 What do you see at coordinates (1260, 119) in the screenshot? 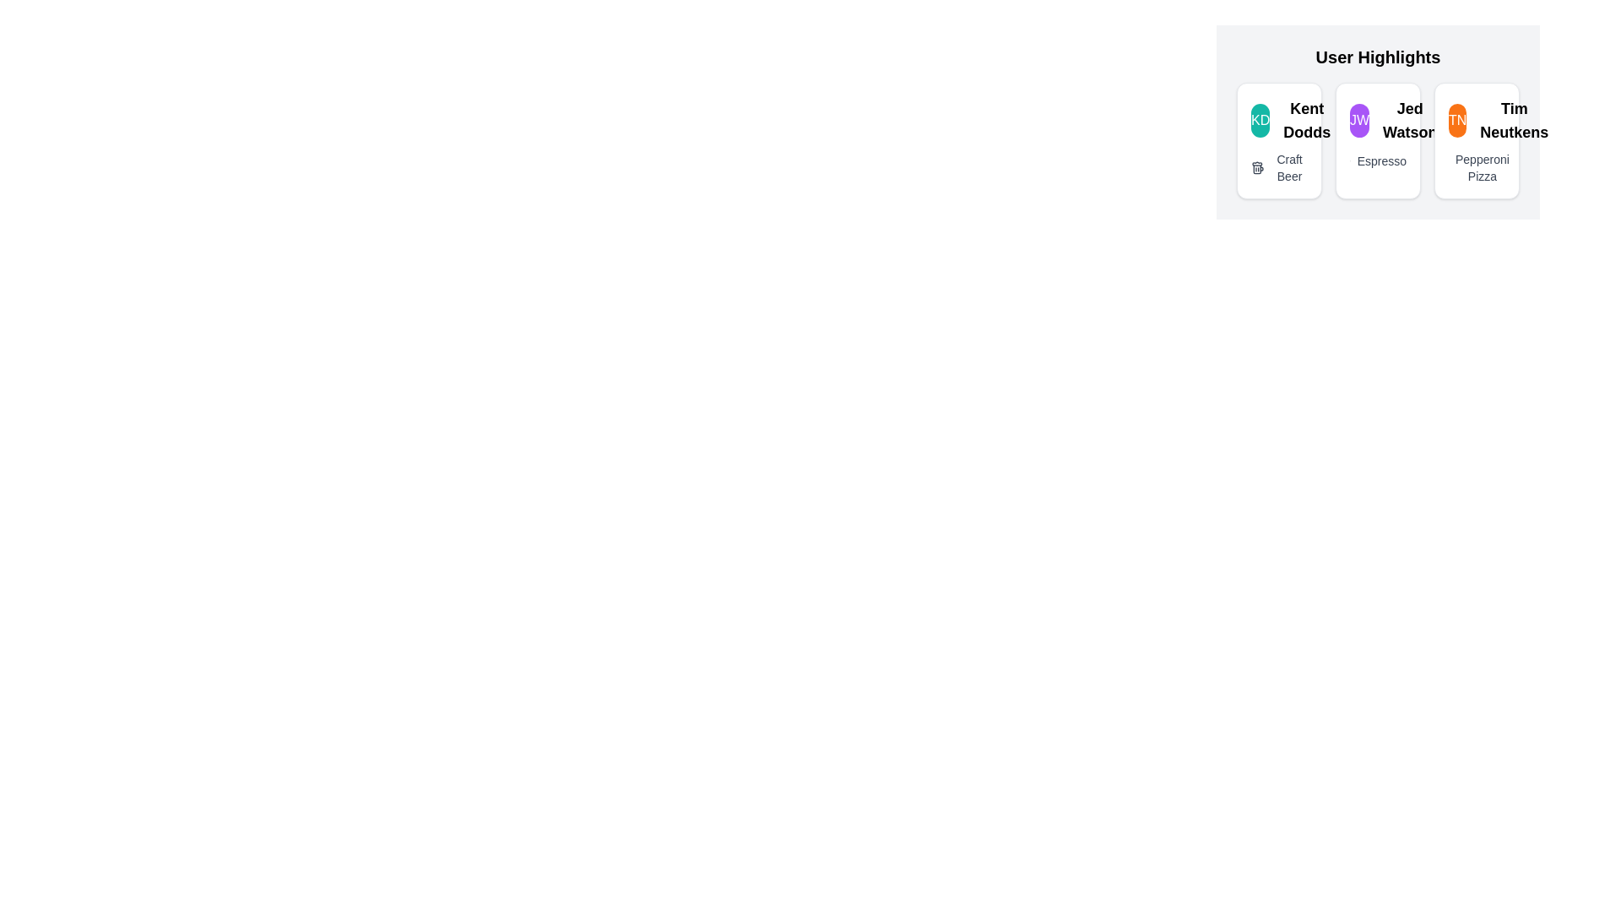
I see `the User badge indicating 'Kent Dodds', located at the top-left corner of the card styled section under the 'User Highlights' header` at bounding box center [1260, 119].